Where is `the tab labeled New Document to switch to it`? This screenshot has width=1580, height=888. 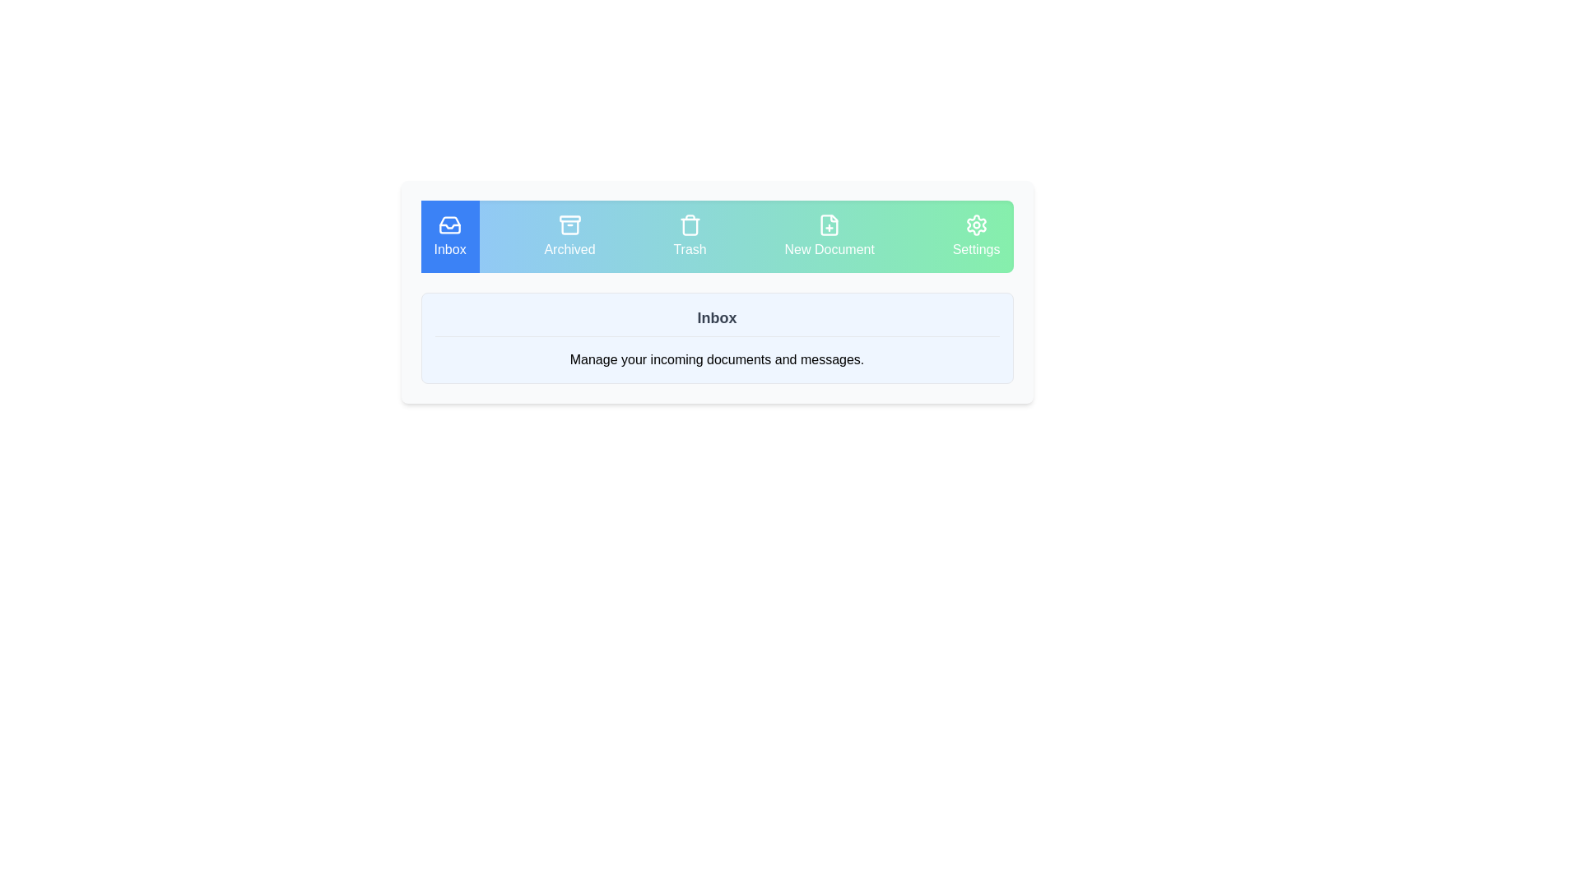 the tab labeled New Document to switch to it is located at coordinates (829, 237).